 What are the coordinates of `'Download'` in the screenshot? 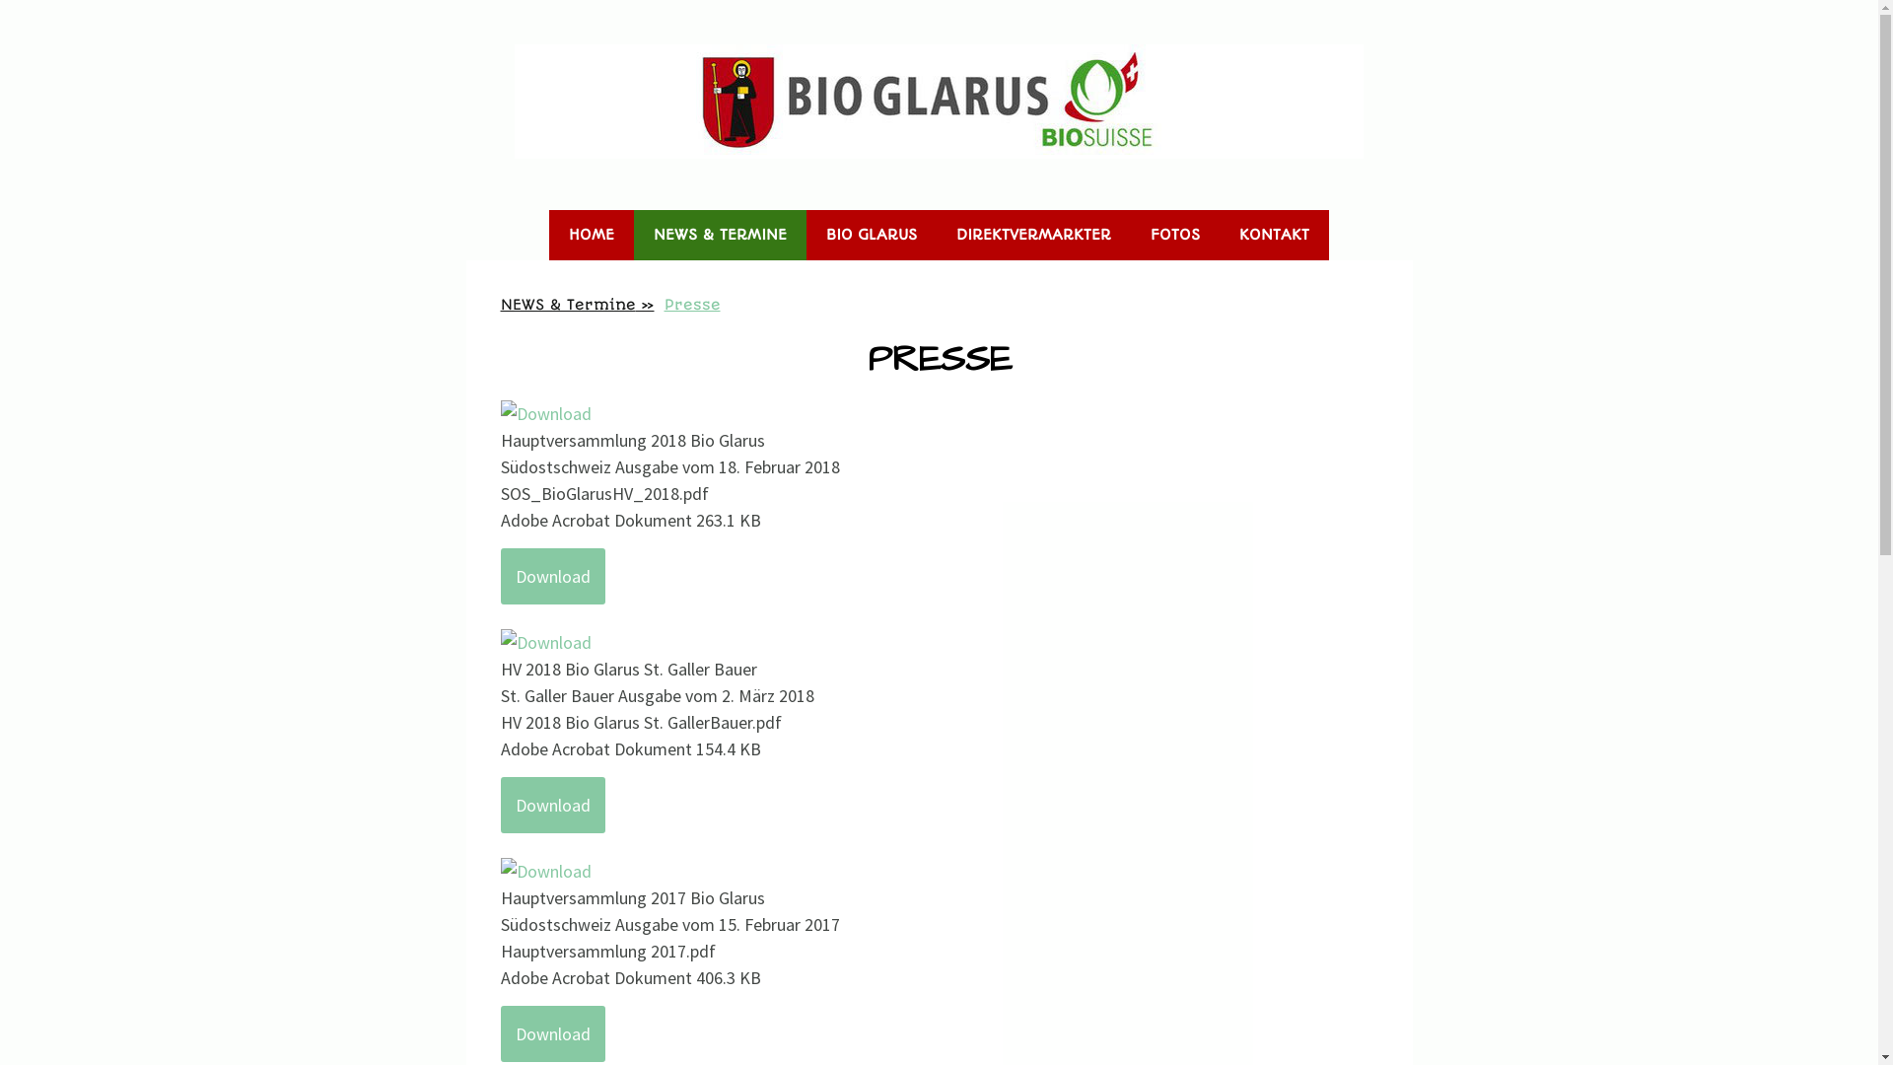 It's located at (501, 576).